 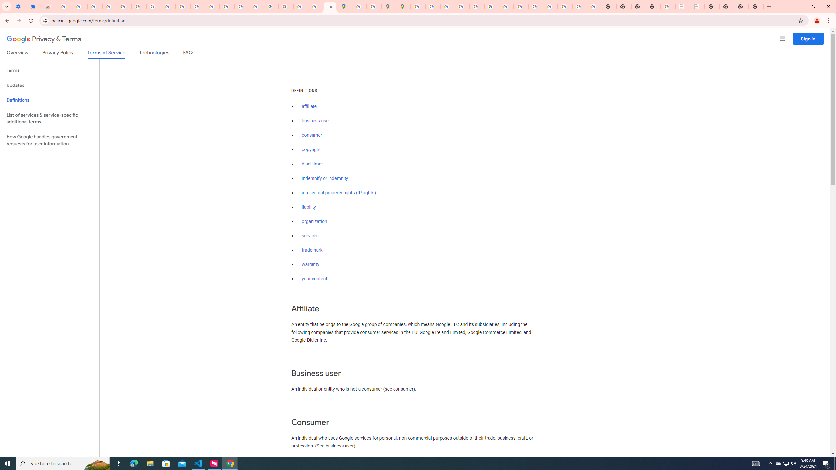 I want to click on 'List of services & service-specific additional terms', so click(x=49, y=118).